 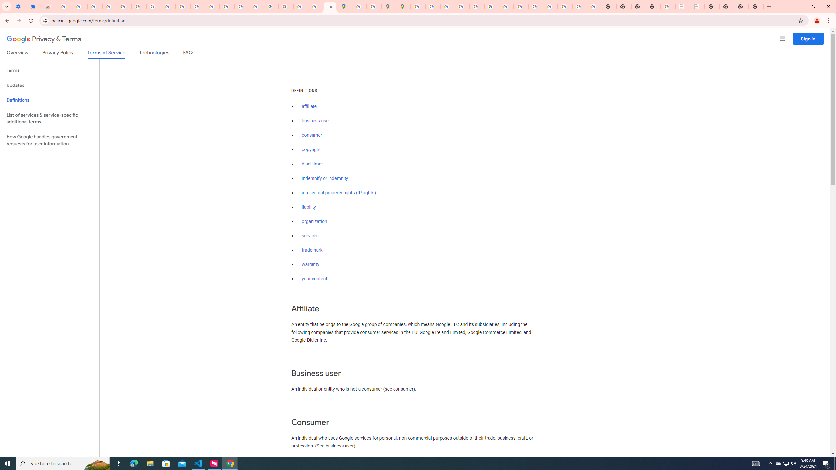 I want to click on 'List of services & service-specific additional terms', so click(x=49, y=118).